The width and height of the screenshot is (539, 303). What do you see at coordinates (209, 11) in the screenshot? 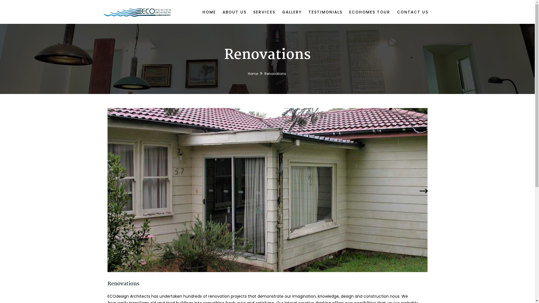
I see `'HOME'` at bounding box center [209, 11].